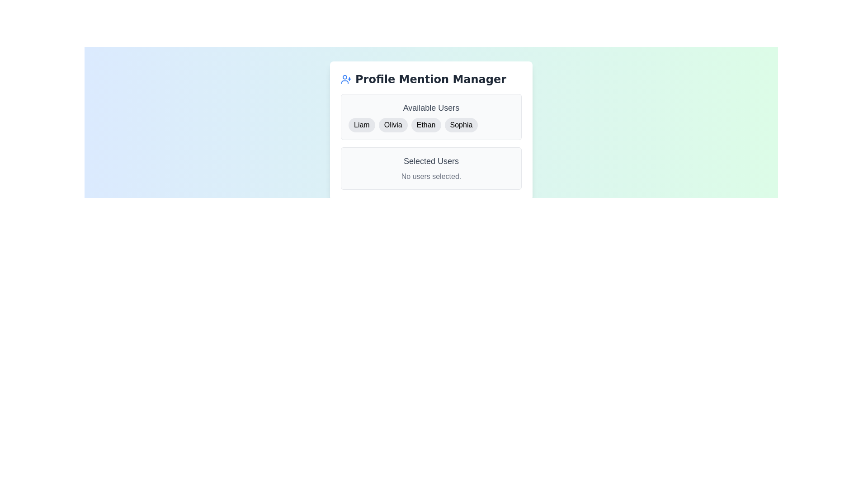  Describe the element at coordinates (425, 125) in the screenshot. I see `the interactive button representing the 'Ethan' profile` at that location.